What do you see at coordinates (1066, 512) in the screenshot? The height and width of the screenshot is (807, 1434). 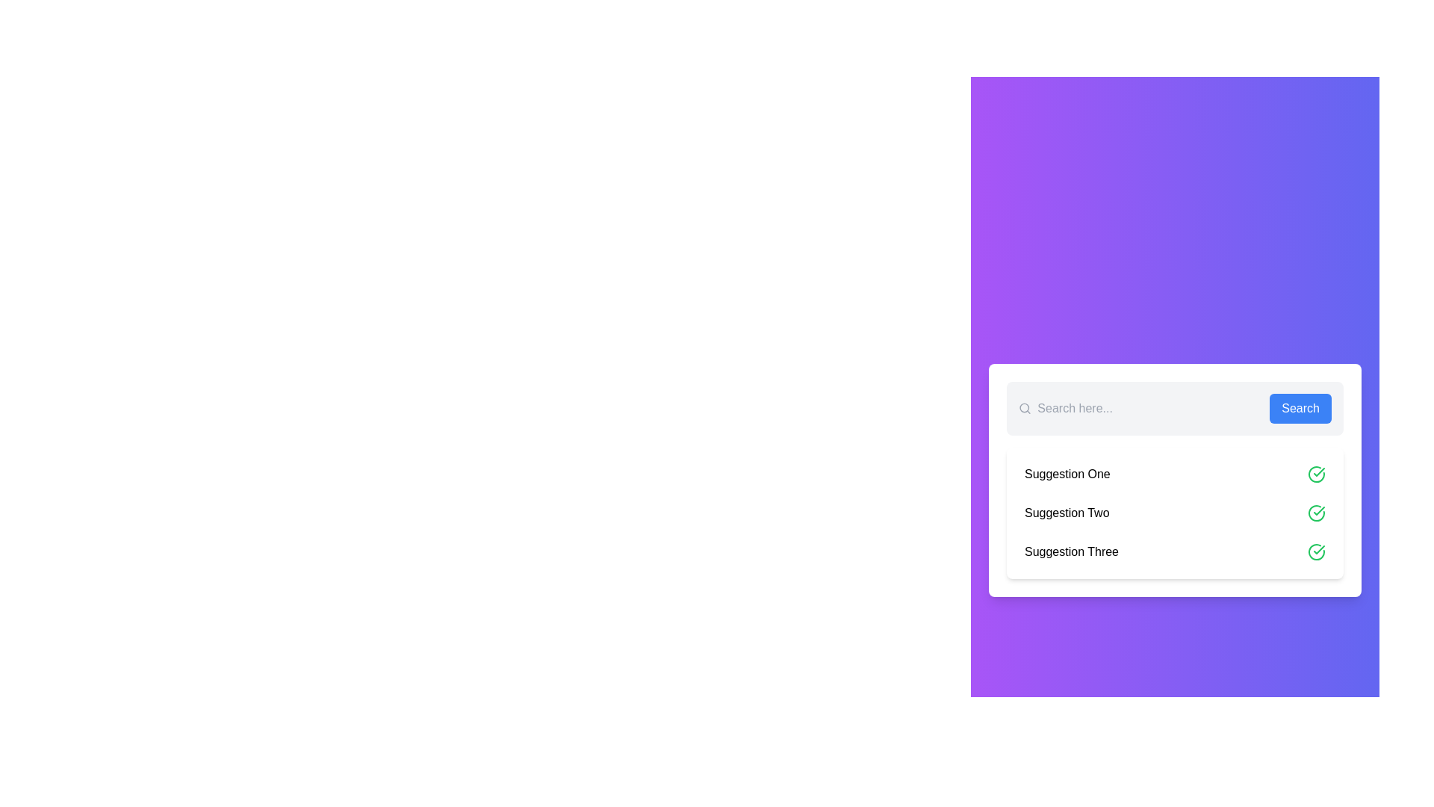 I see `the second text suggestion in the list, which is located beneath 'Suggestion One' and above 'Suggestion Three'` at bounding box center [1066, 512].